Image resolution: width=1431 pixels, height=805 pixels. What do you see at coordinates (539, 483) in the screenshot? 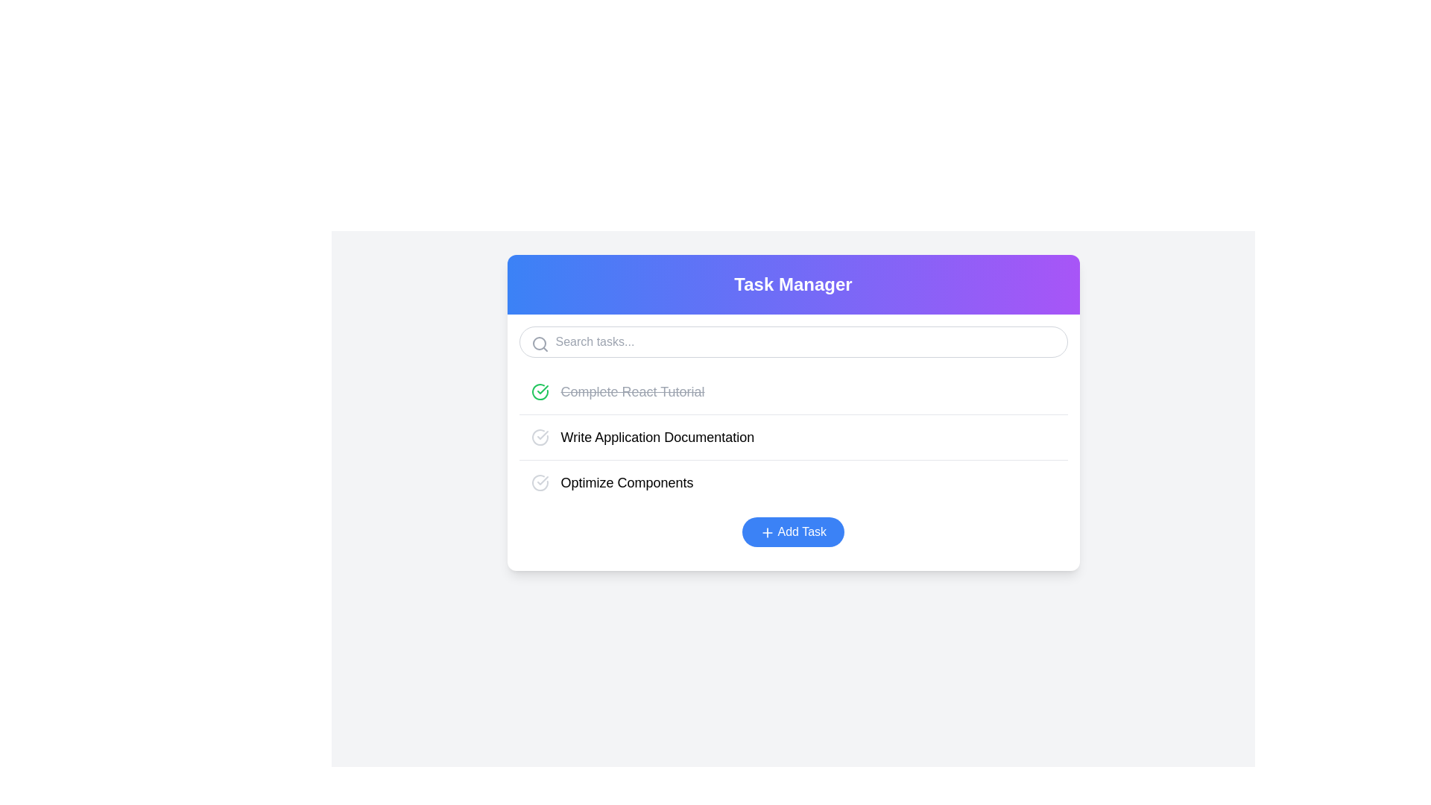
I see `the completion icon located to the left of the 'Optimize Components' task title in the task list interface` at bounding box center [539, 483].